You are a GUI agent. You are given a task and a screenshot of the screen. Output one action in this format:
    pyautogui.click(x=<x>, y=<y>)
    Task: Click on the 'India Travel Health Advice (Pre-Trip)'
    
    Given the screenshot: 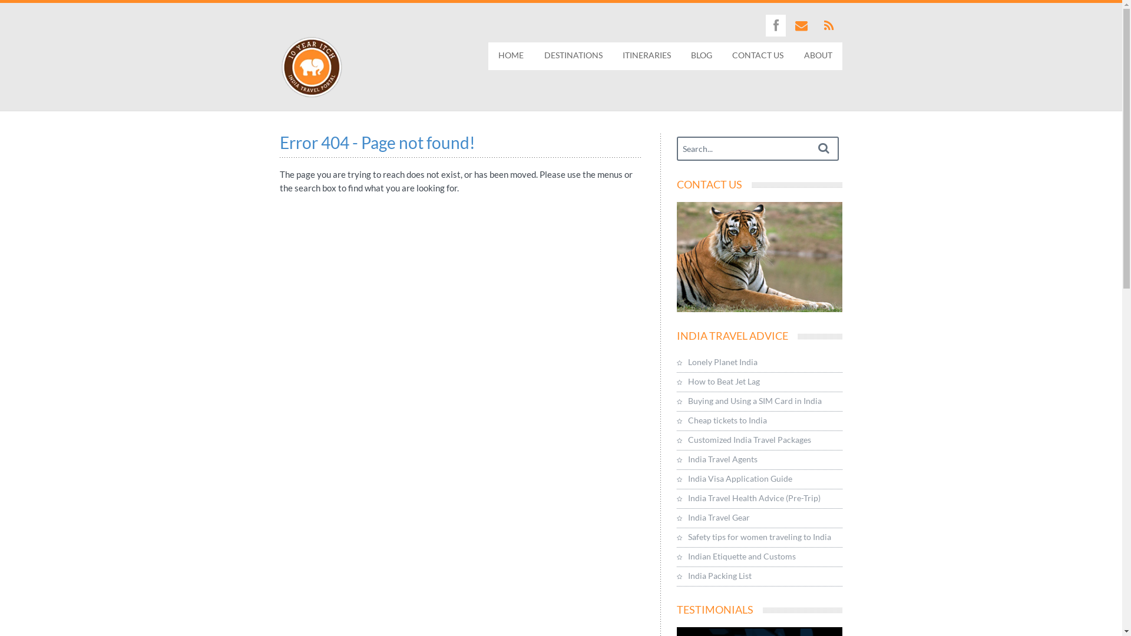 What is the action you would take?
    pyautogui.click(x=759, y=499)
    